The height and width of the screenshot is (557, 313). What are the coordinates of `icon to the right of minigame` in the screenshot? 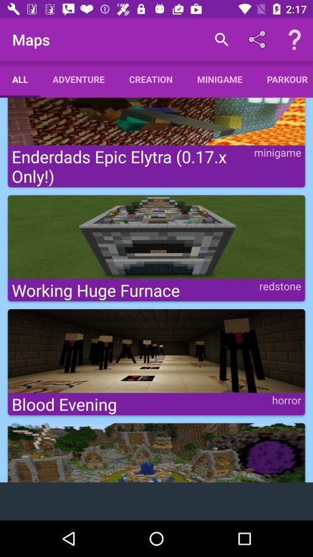 It's located at (283, 78).